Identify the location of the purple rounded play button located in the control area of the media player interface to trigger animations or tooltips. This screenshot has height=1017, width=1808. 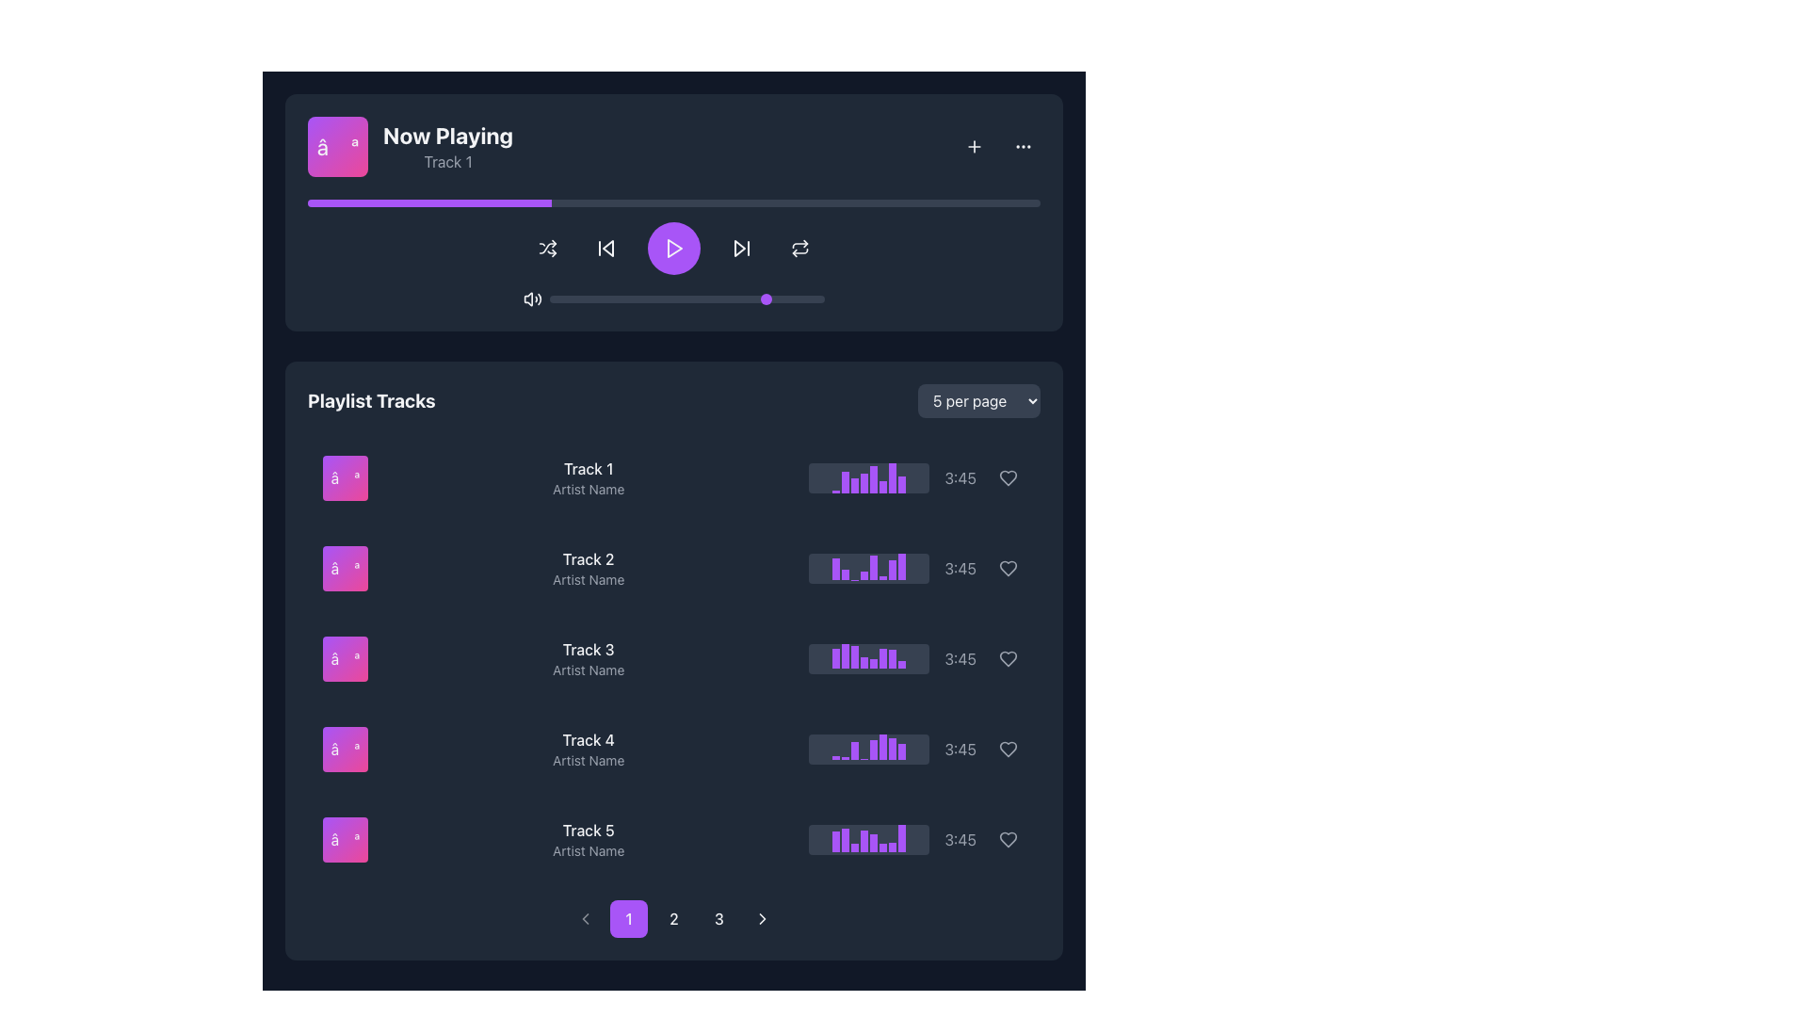
(673, 247).